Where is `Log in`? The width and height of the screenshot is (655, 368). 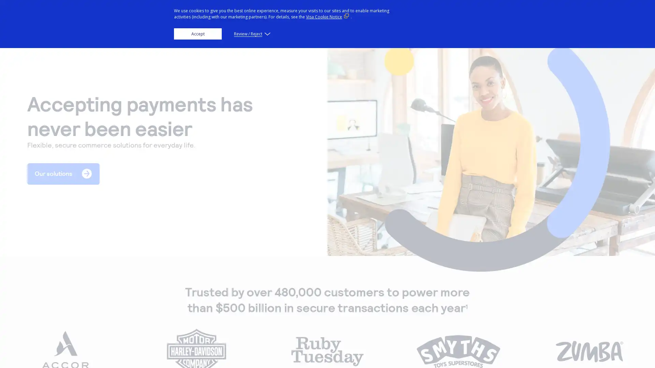 Log in is located at coordinates (580, 14).